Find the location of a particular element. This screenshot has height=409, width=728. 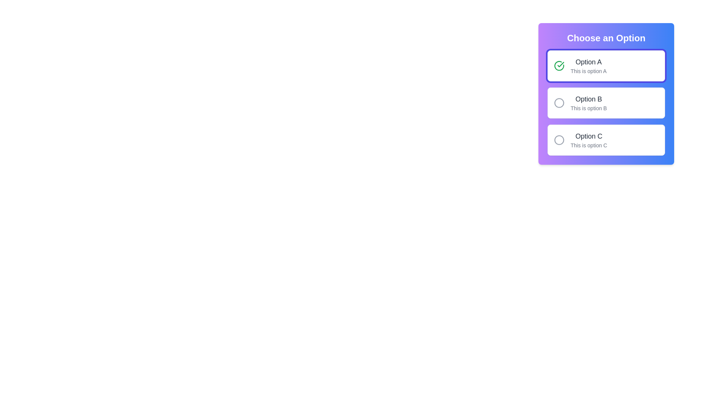

descriptive label text located underneath 'Option B' in the grouped options panel is located at coordinates (588, 108).